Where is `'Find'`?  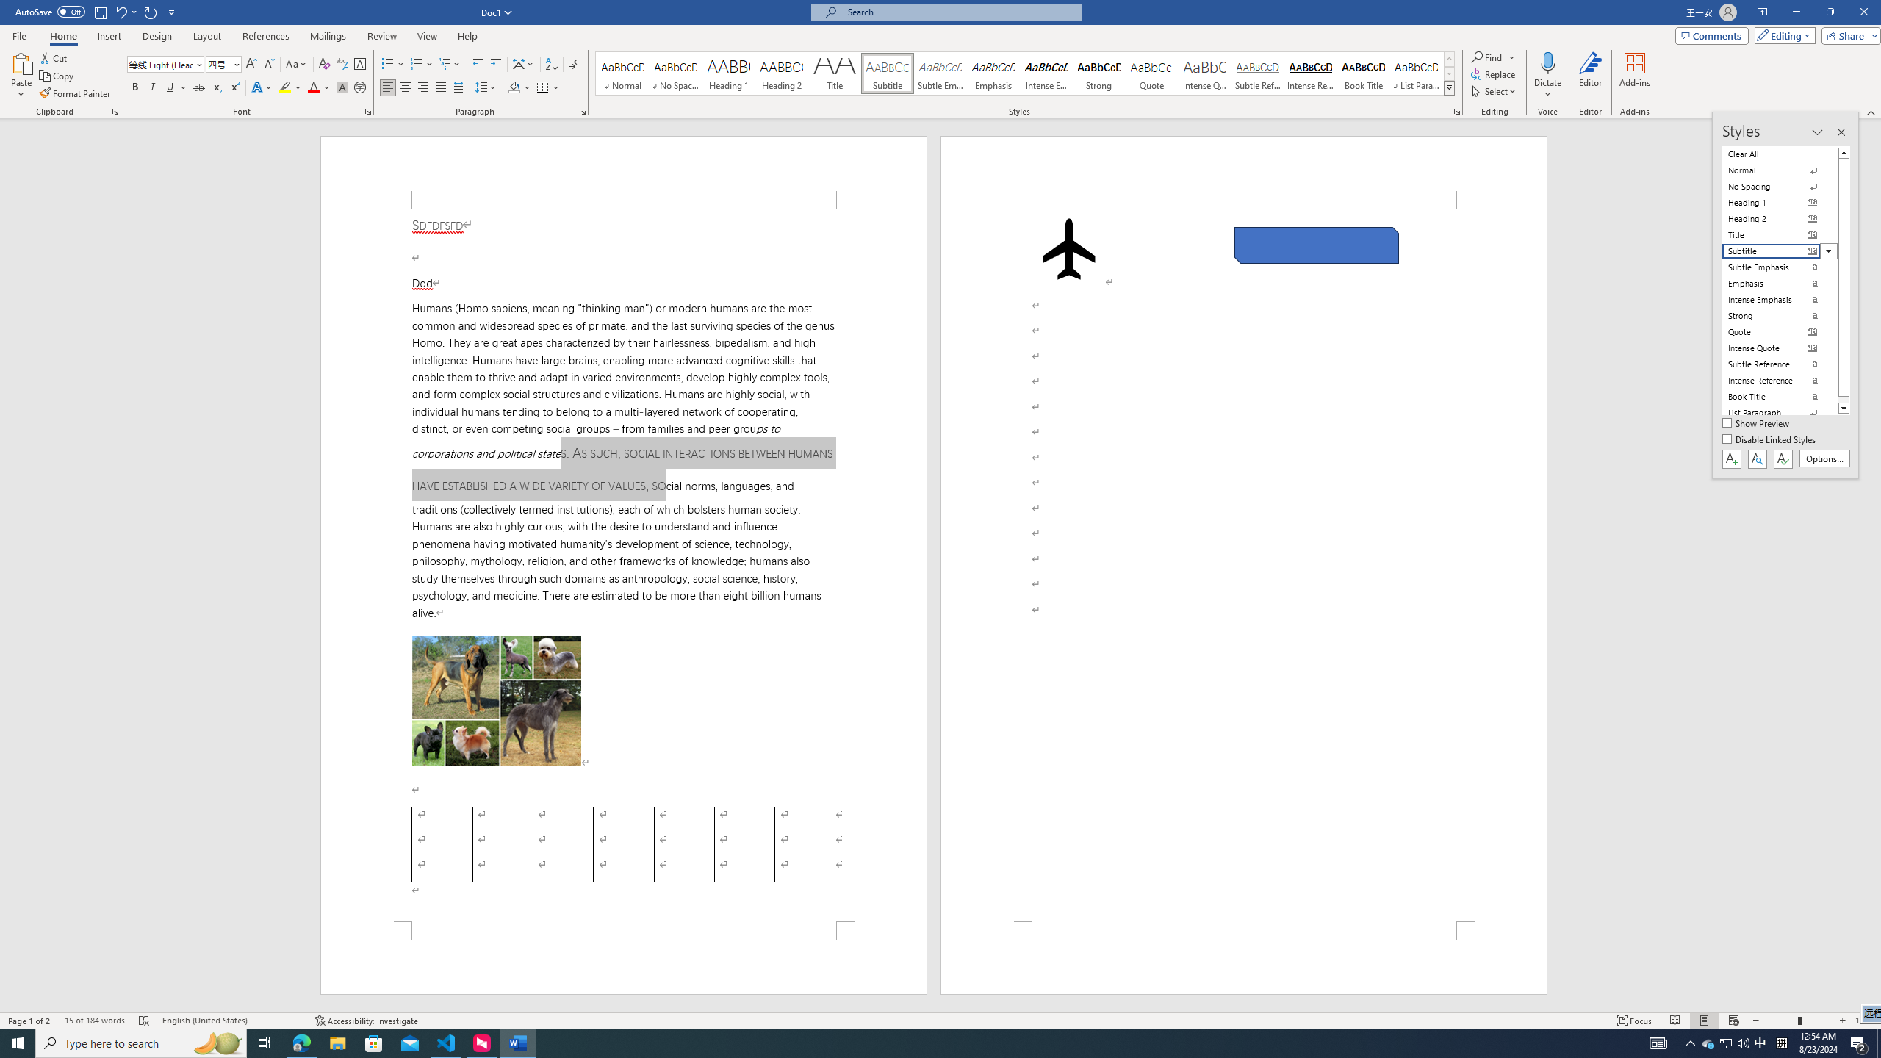
'Find' is located at coordinates (1486, 57).